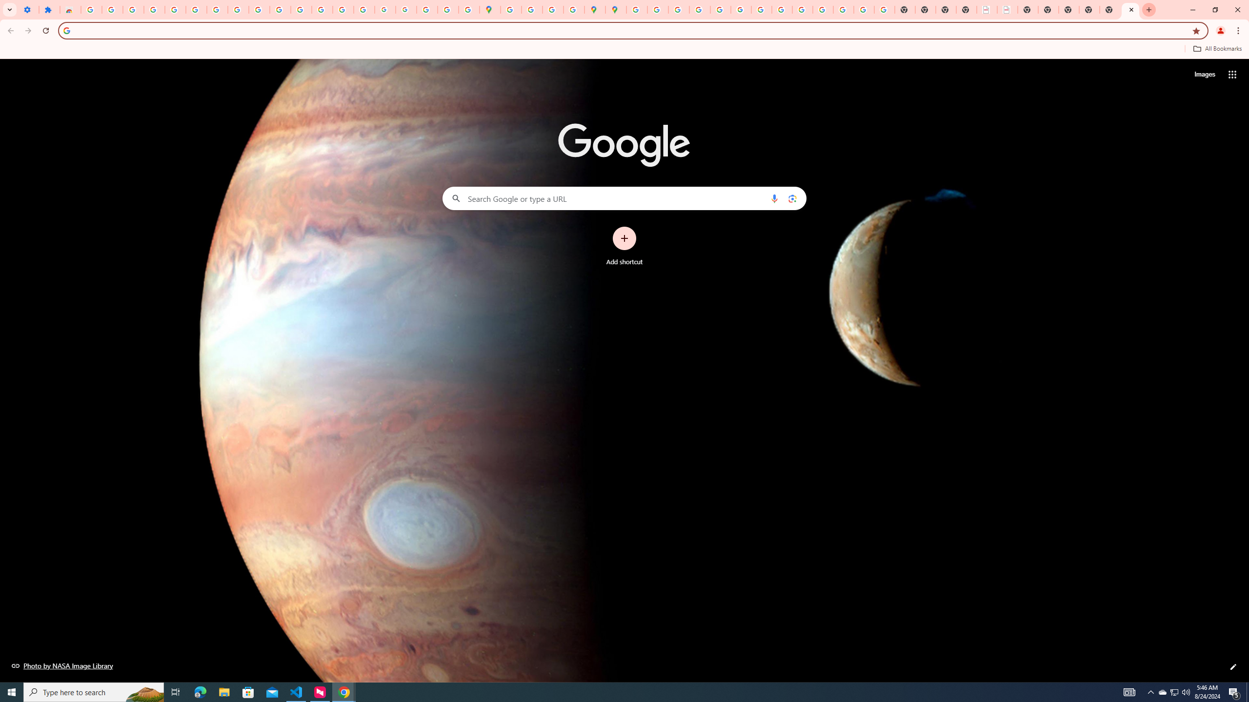 The height and width of the screenshot is (702, 1249). I want to click on 'Customize this page', so click(1233, 666).